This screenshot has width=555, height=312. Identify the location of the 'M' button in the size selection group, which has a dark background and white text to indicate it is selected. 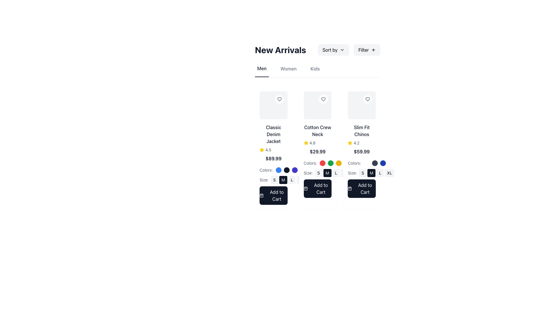
(288, 179).